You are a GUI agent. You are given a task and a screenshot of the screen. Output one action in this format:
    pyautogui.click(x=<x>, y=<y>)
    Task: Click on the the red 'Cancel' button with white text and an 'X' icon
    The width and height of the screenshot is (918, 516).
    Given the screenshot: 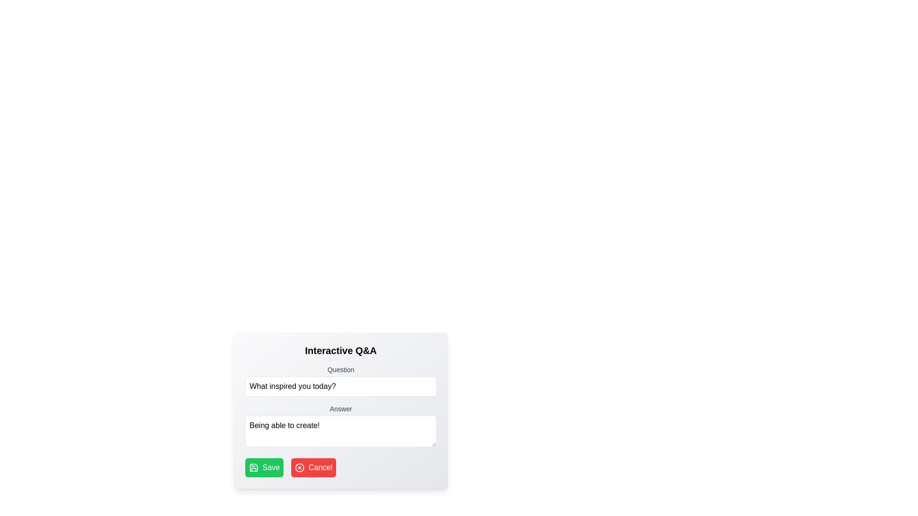 What is the action you would take?
    pyautogui.click(x=314, y=467)
    